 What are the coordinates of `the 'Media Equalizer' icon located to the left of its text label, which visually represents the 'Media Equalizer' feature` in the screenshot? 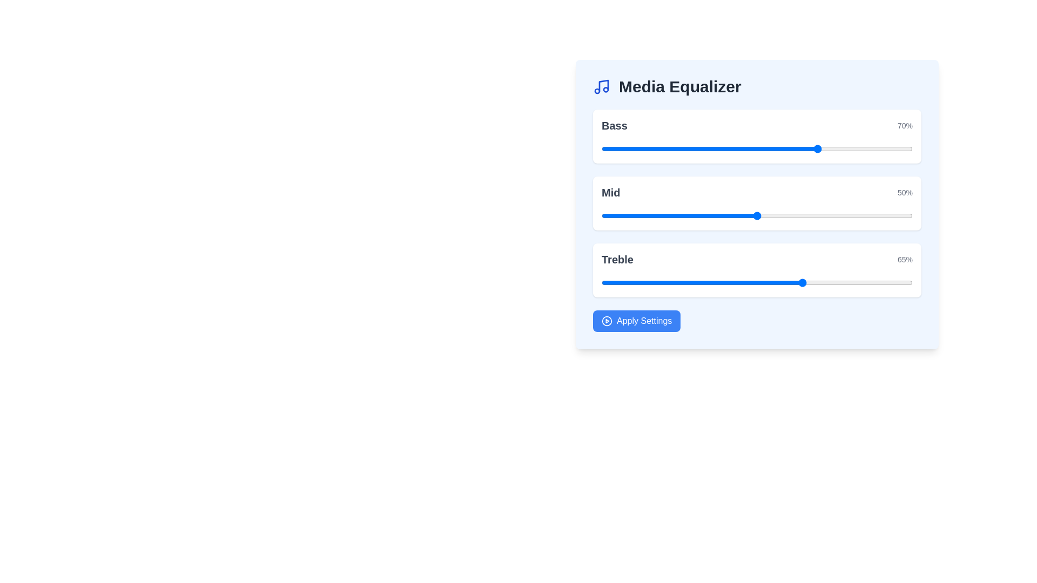 It's located at (601, 86).